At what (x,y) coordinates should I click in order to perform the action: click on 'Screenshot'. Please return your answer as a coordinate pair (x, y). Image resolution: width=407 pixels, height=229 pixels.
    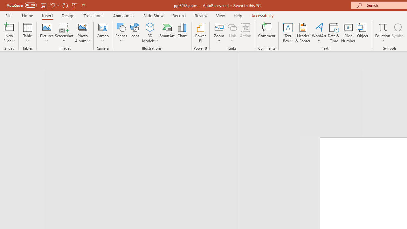
    Looking at the image, I should click on (64, 33).